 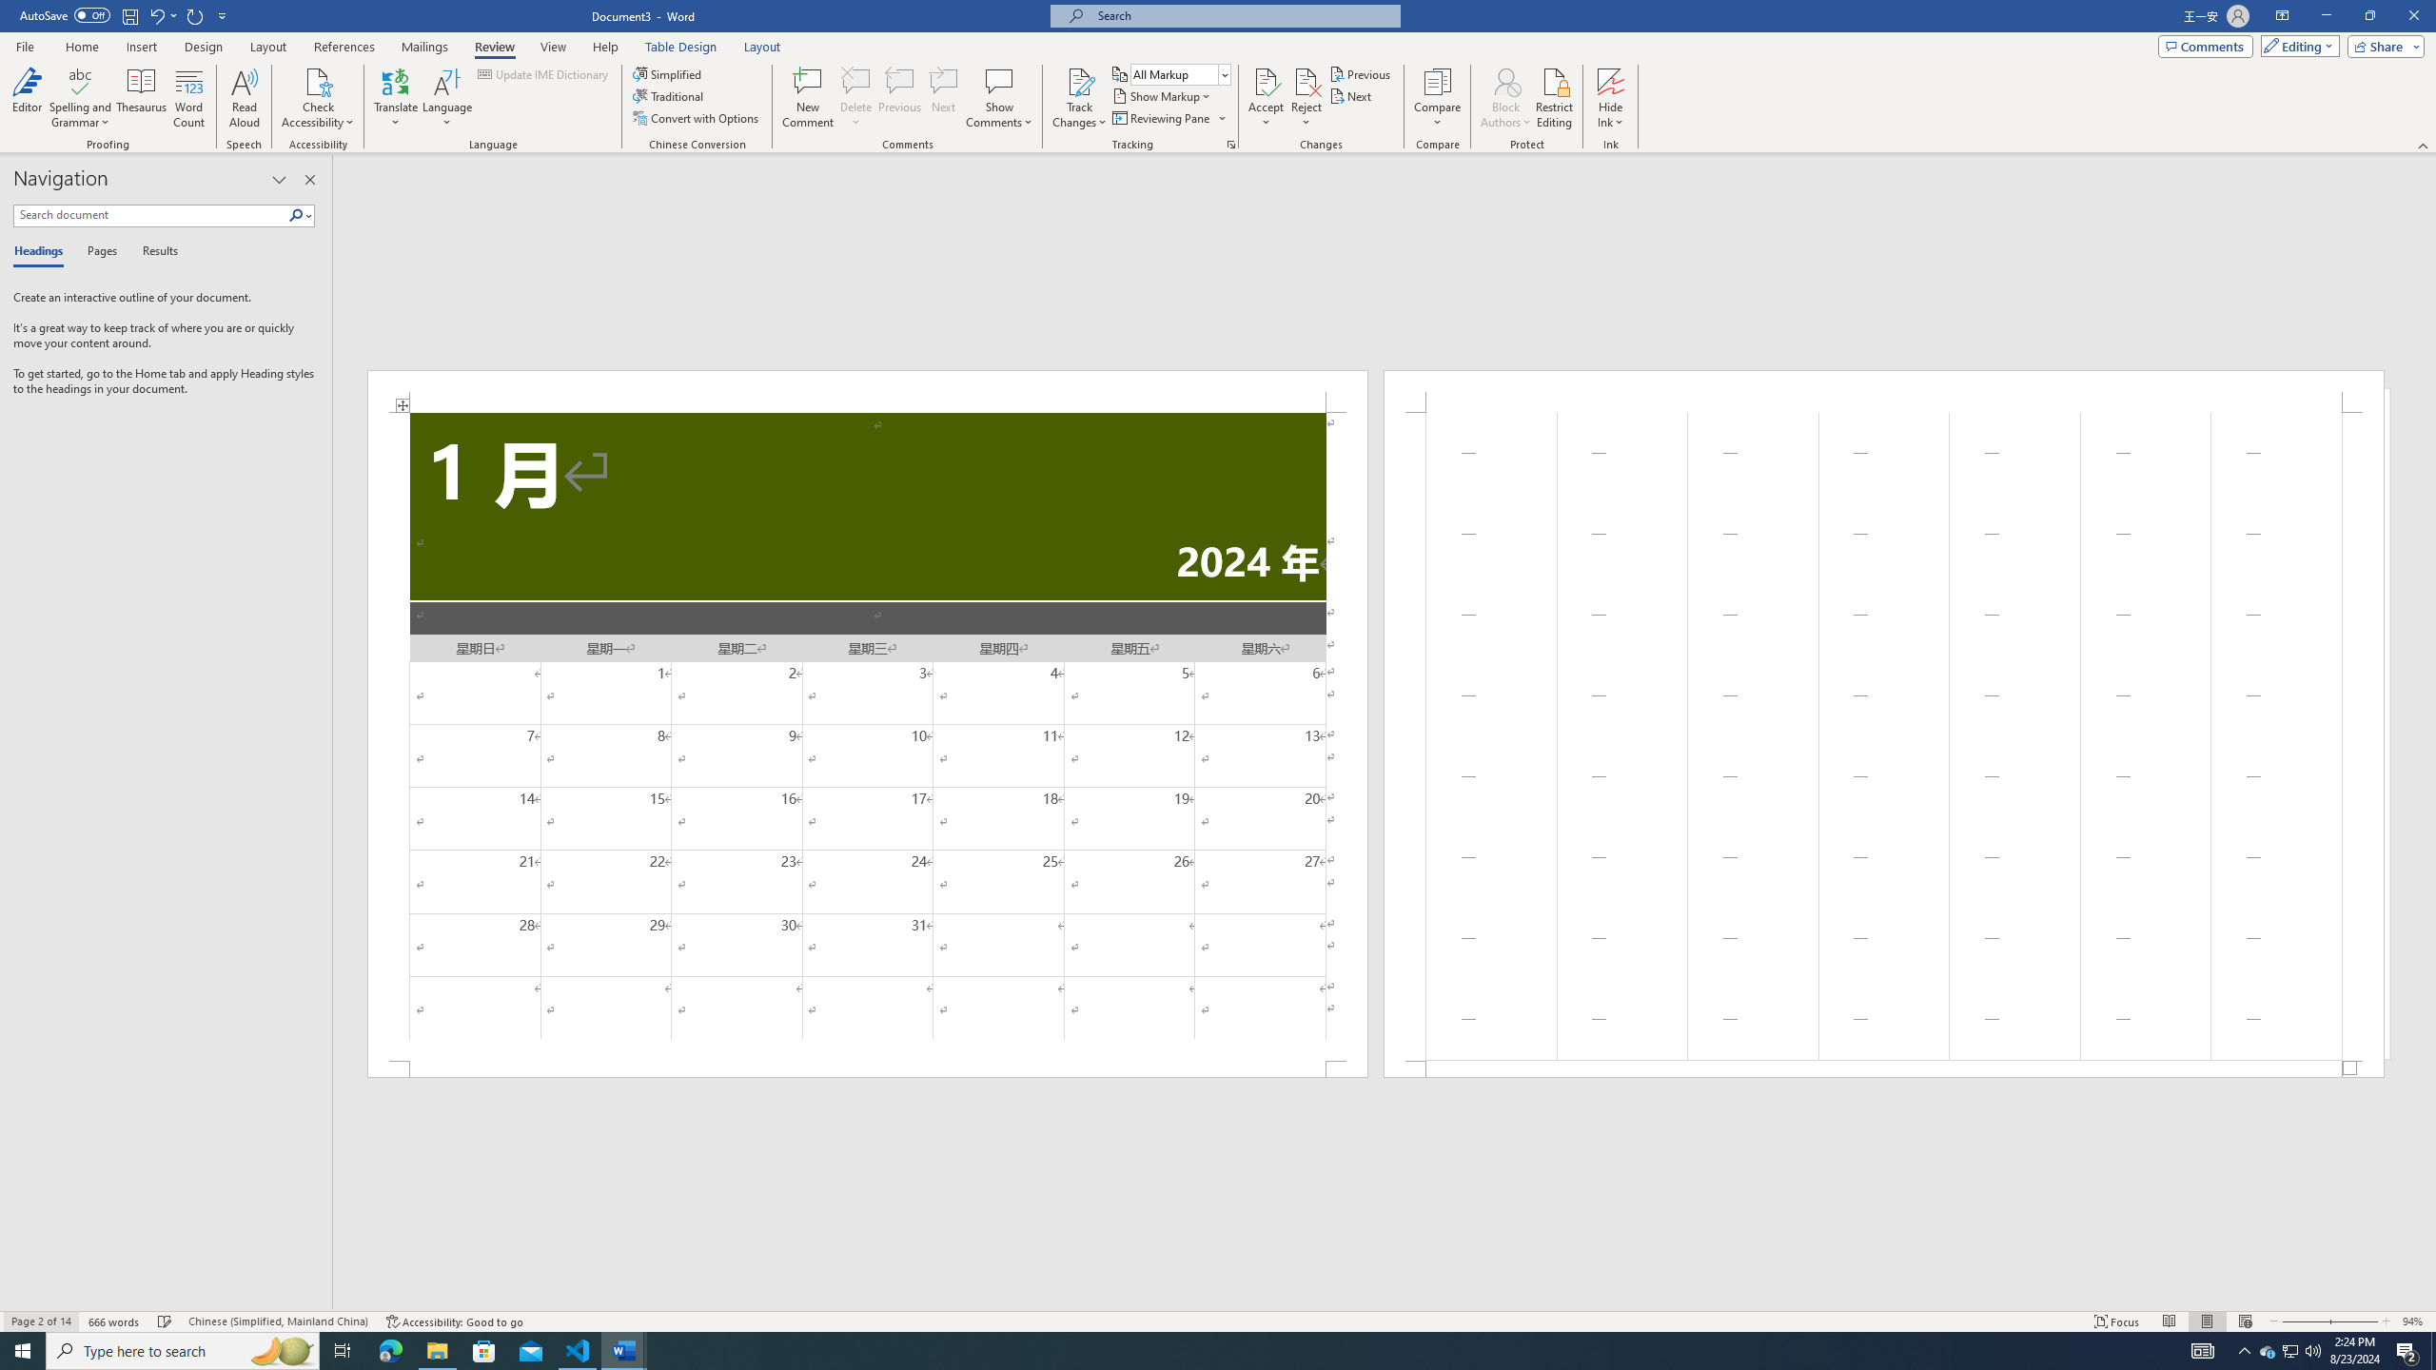 What do you see at coordinates (1555, 98) in the screenshot?
I see `'Restrict Editing'` at bounding box center [1555, 98].